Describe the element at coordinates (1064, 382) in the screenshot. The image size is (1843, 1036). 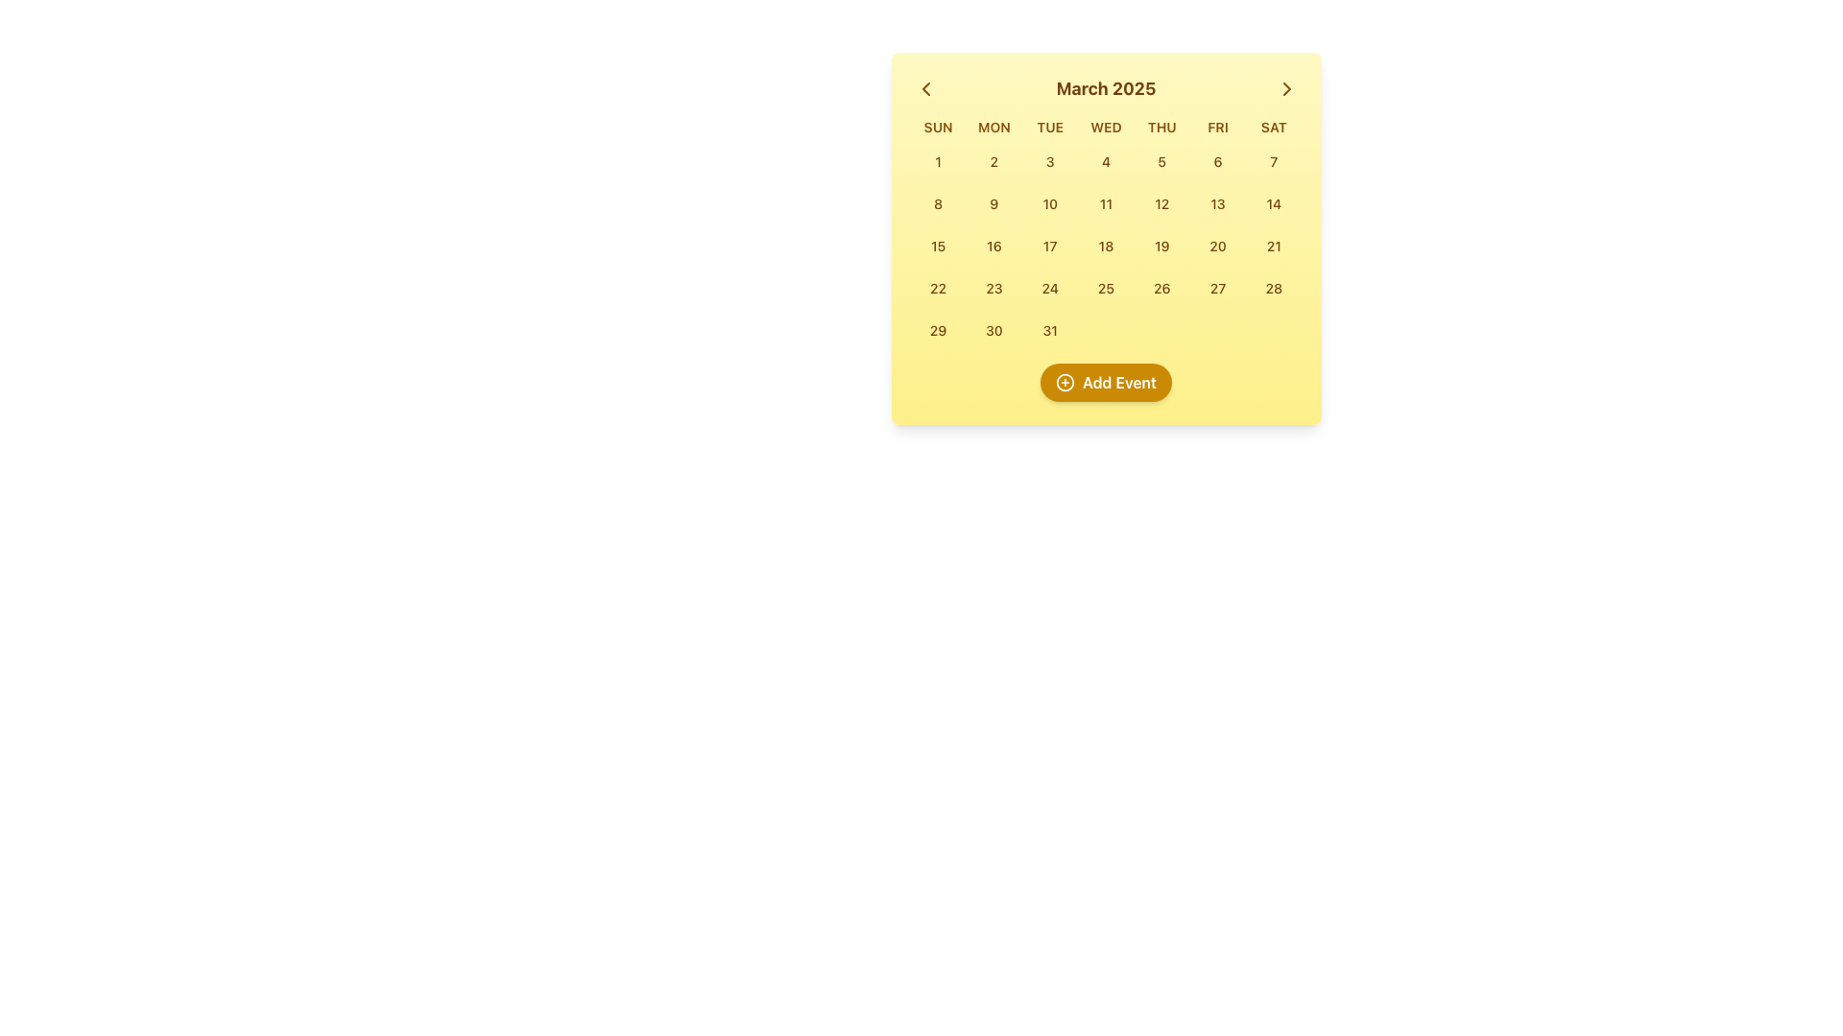
I see `the outer ring of the 'Add Event' button, which is a circle with a thin border and no fill, located at the bottom center of the yellow calendar interface` at that location.